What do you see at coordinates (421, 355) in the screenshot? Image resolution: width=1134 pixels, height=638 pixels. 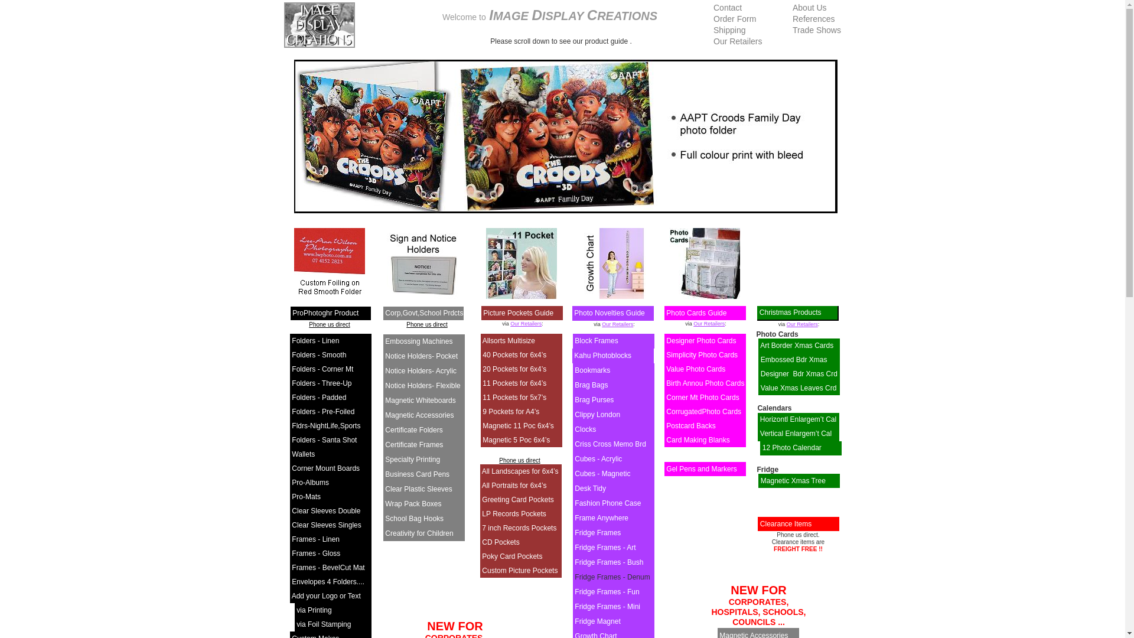 I see `'Notice Holders- Pocket'` at bounding box center [421, 355].